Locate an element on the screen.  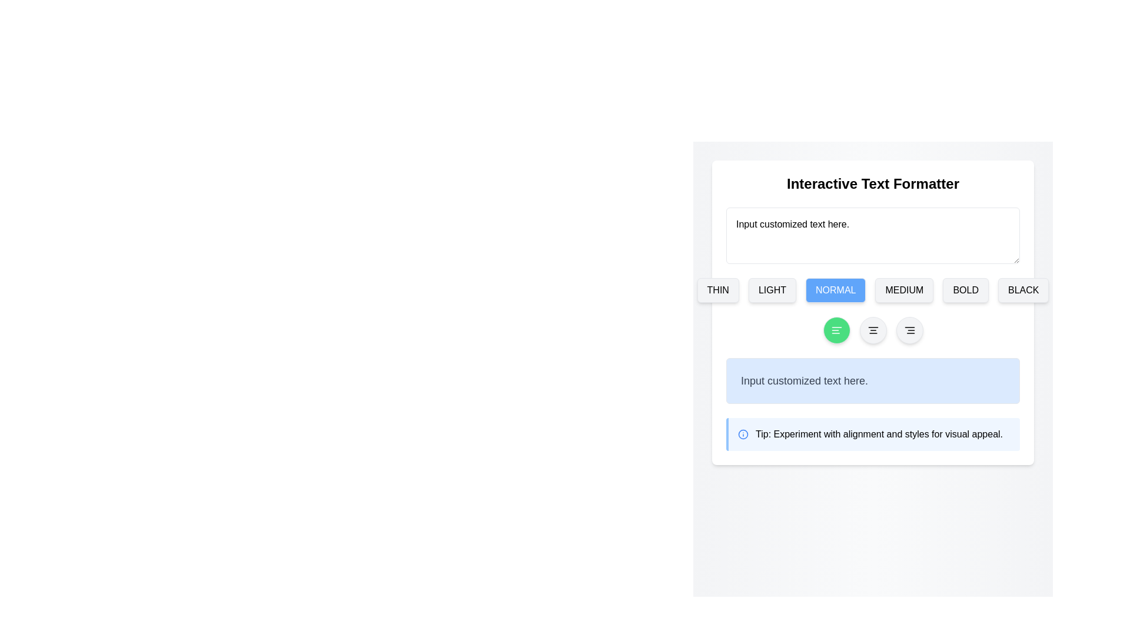
the 'LIGHT' text formatting button, which is the second button in a horizontal group of six buttons is located at coordinates (772, 290).